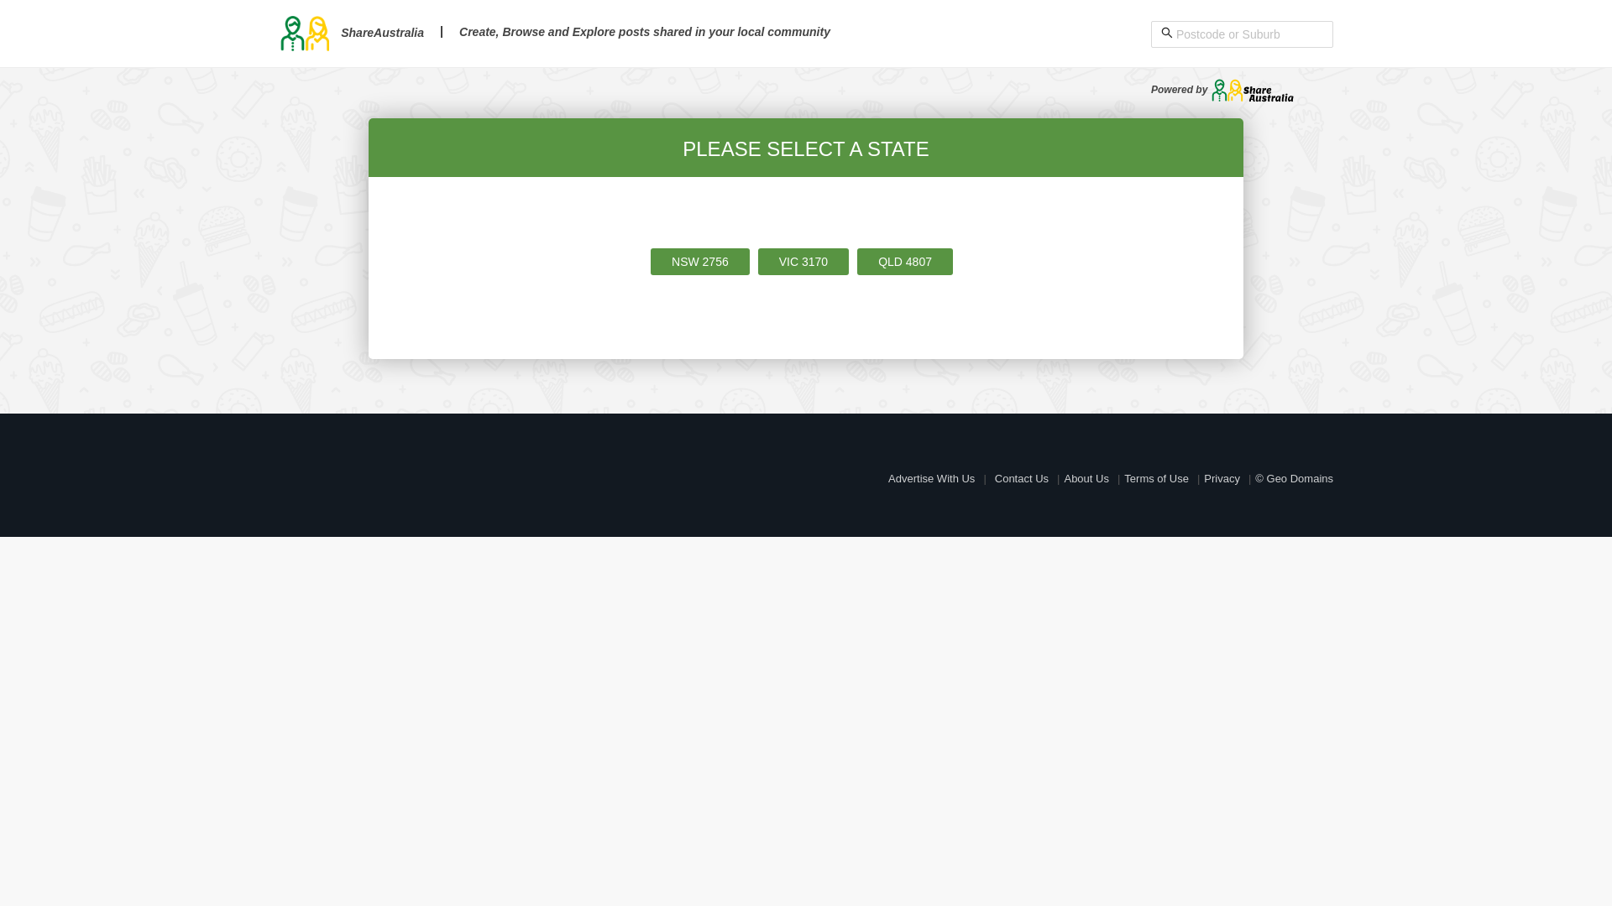  Describe the element at coordinates (350, 32) in the screenshot. I see `'ShareAustralia'` at that location.